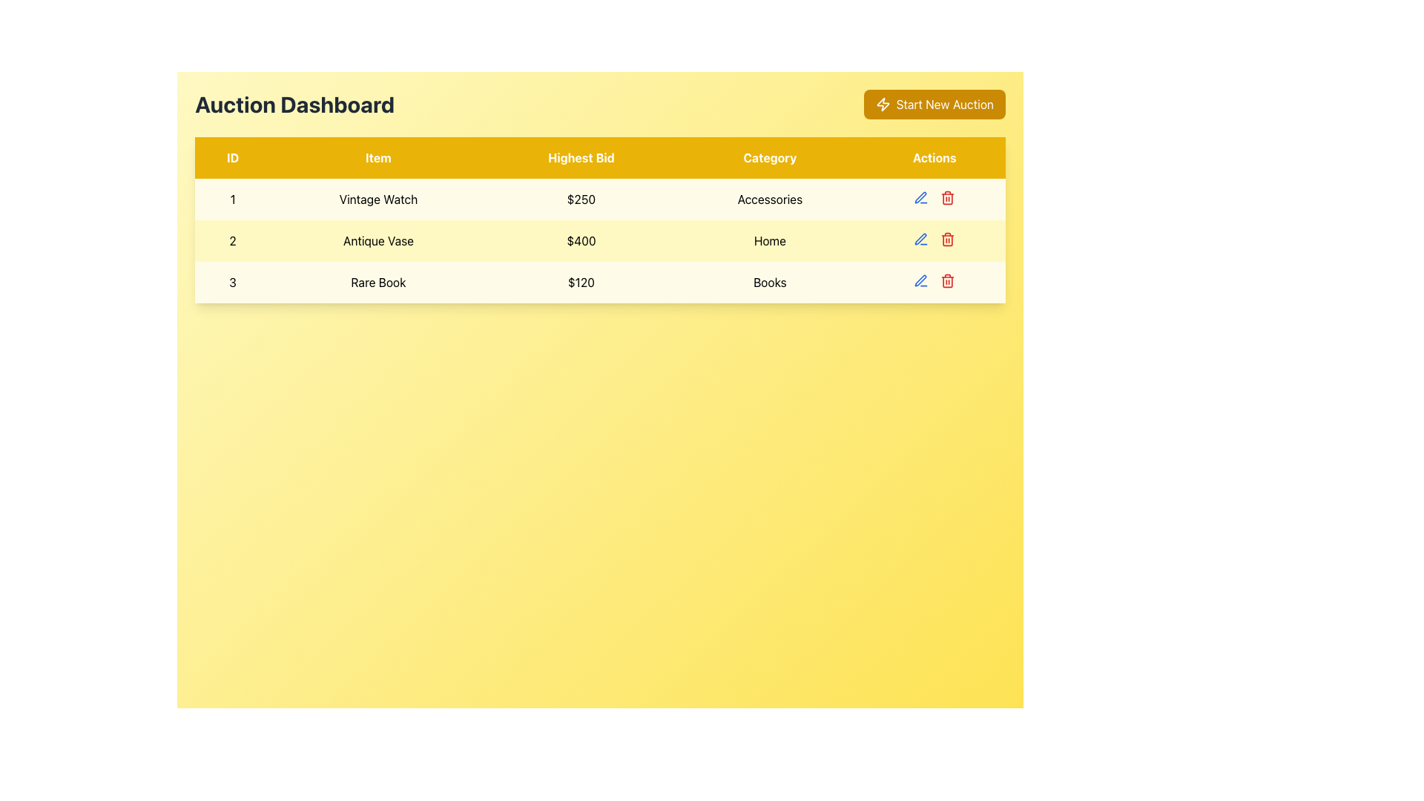 This screenshot has height=801, width=1424. What do you see at coordinates (770, 240) in the screenshot?
I see `the 'Home' text label in the second row of the table with a light yellow background in the 'Category' column` at bounding box center [770, 240].